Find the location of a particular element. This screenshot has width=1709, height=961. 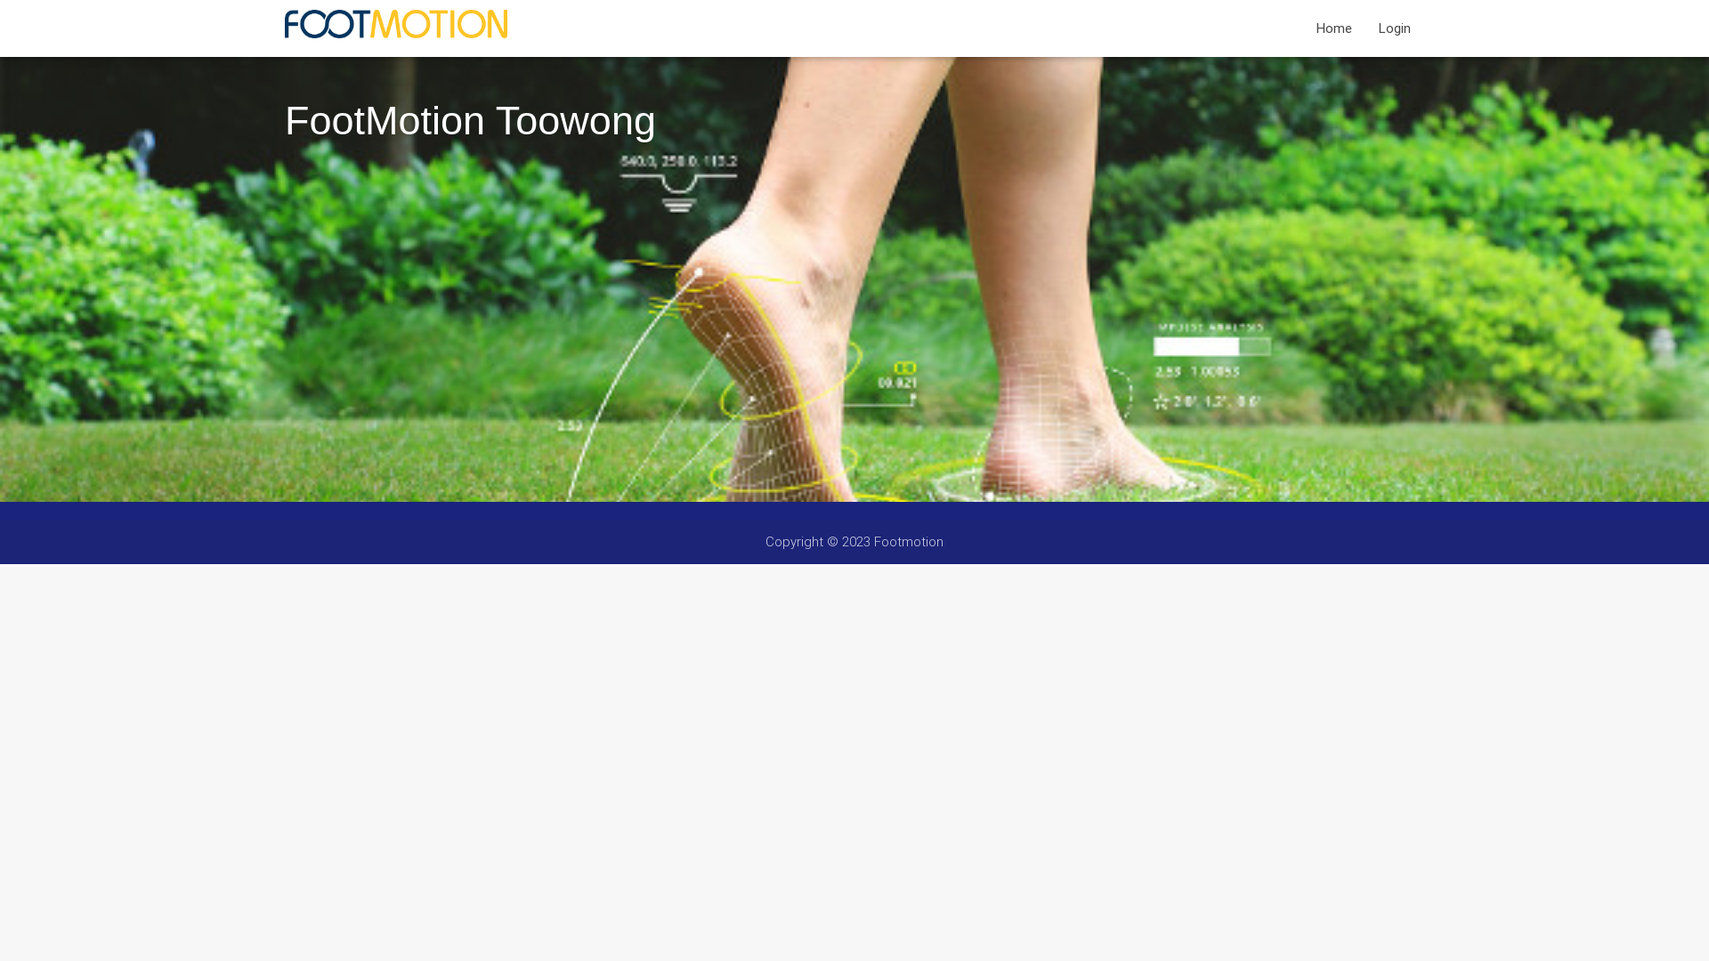

'Home' is located at coordinates (1333, 28).